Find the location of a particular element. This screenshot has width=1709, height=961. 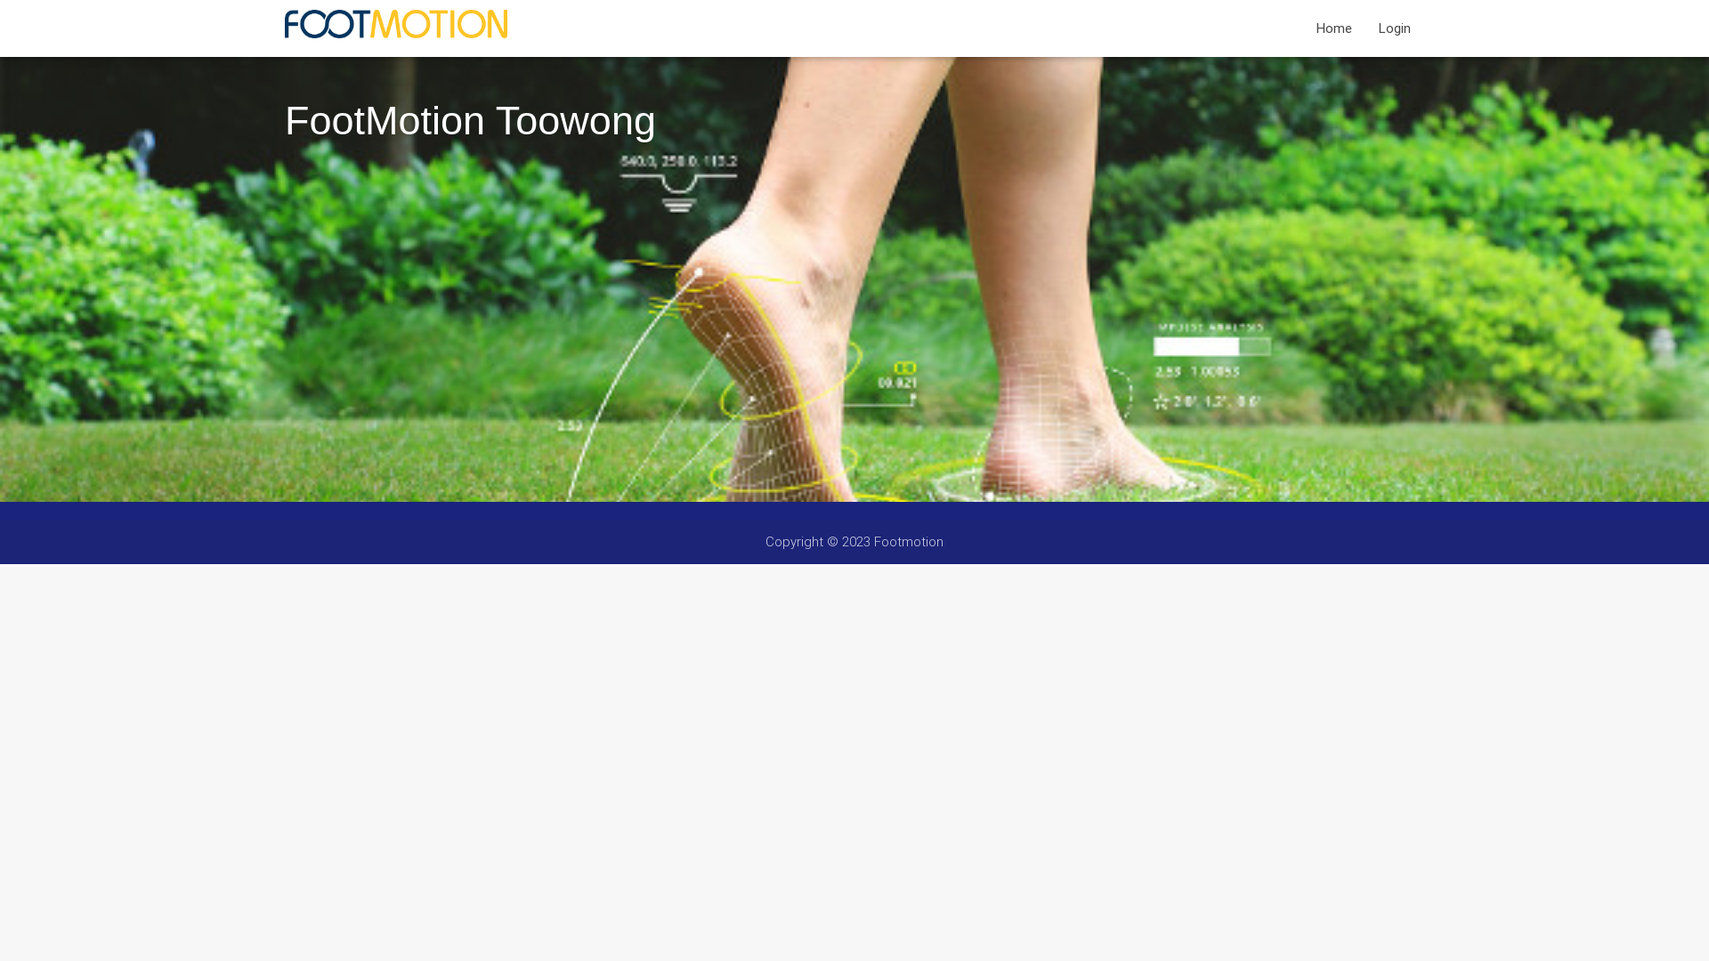

'Home' is located at coordinates (1333, 28).